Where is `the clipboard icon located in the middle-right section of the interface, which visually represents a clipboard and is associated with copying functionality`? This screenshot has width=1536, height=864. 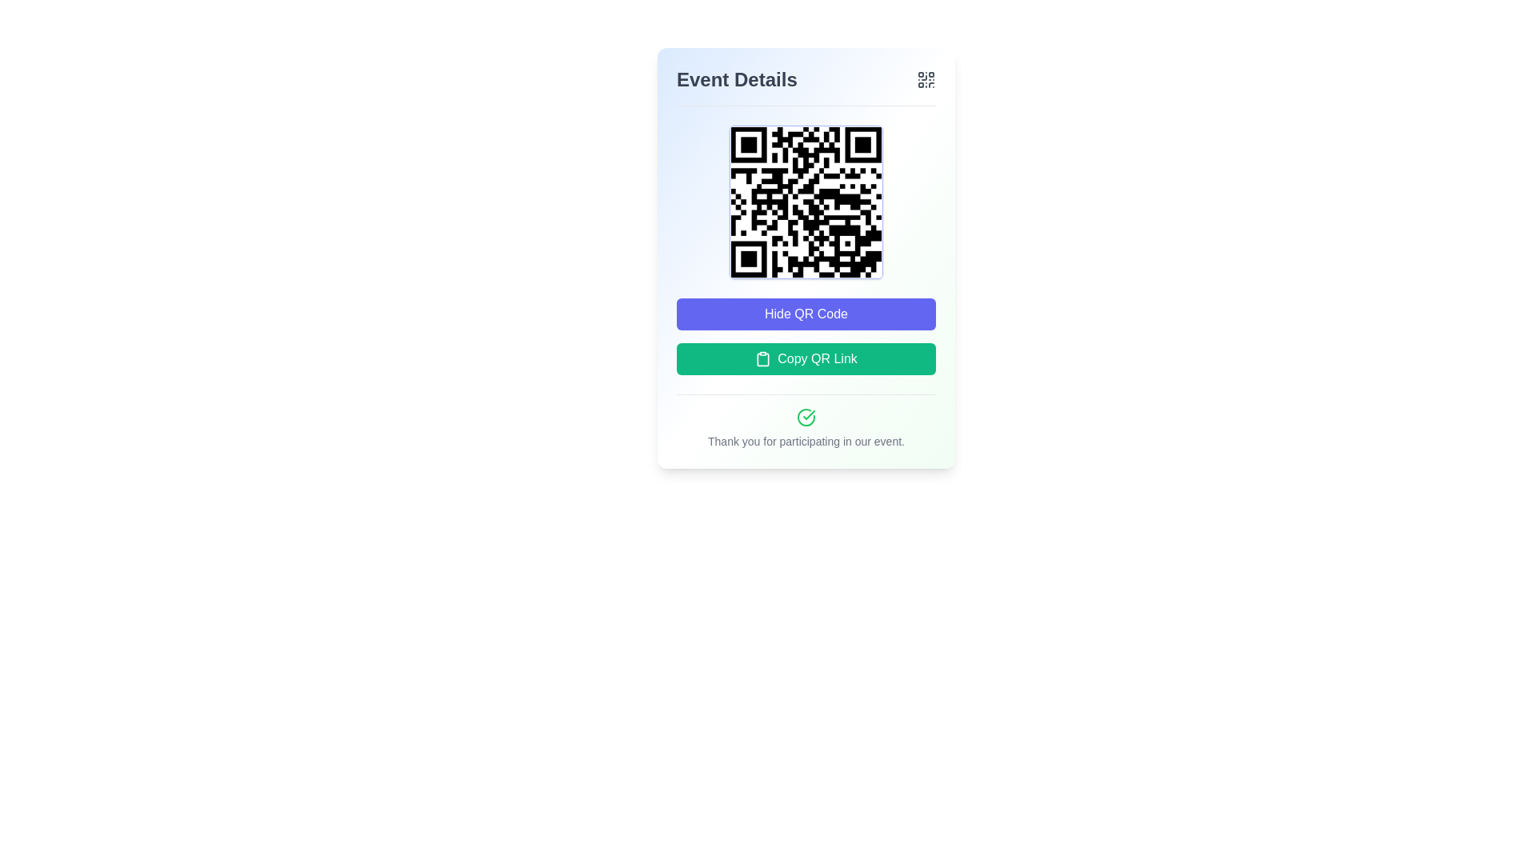
the clipboard icon located in the middle-right section of the interface, which visually represents a clipboard and is associated with copying functionality is located at coordinates (762, 358).